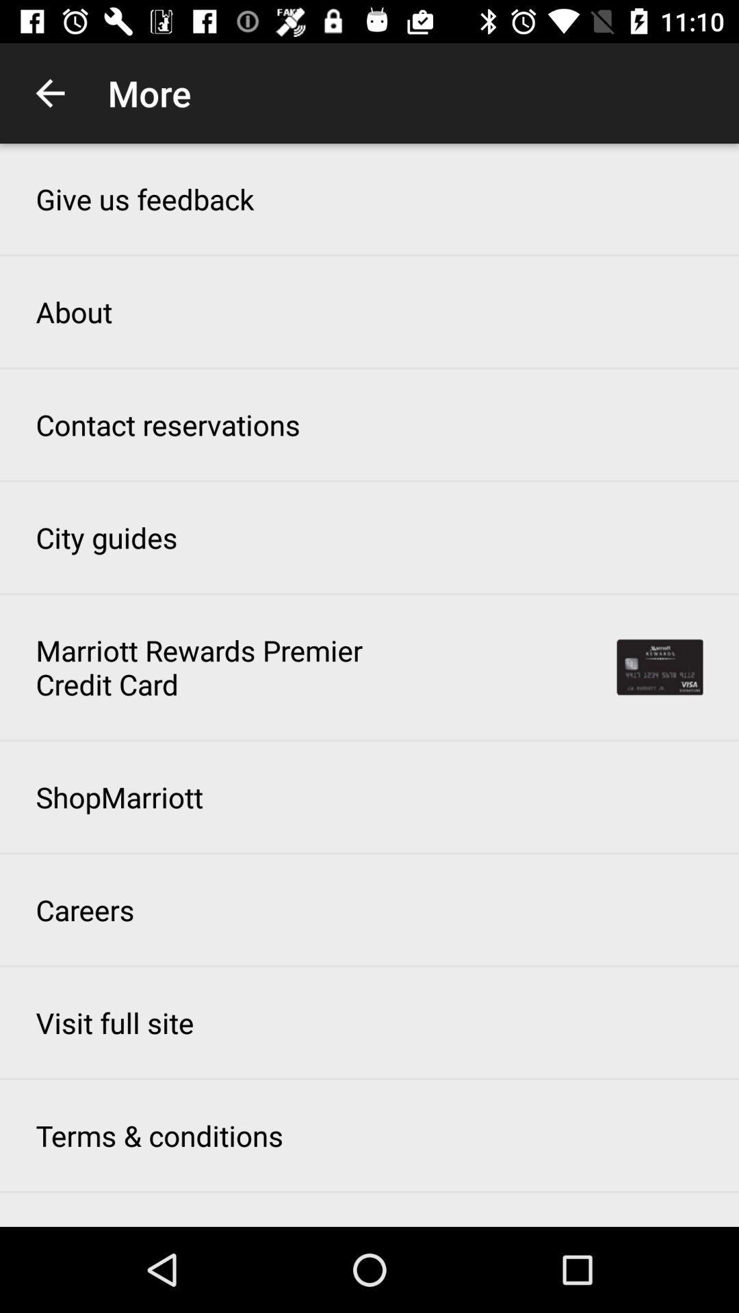  What do you see at coordinates (118, 797) in the screenshot?
I see `shopmarriott` at bounding box center [118, 797].